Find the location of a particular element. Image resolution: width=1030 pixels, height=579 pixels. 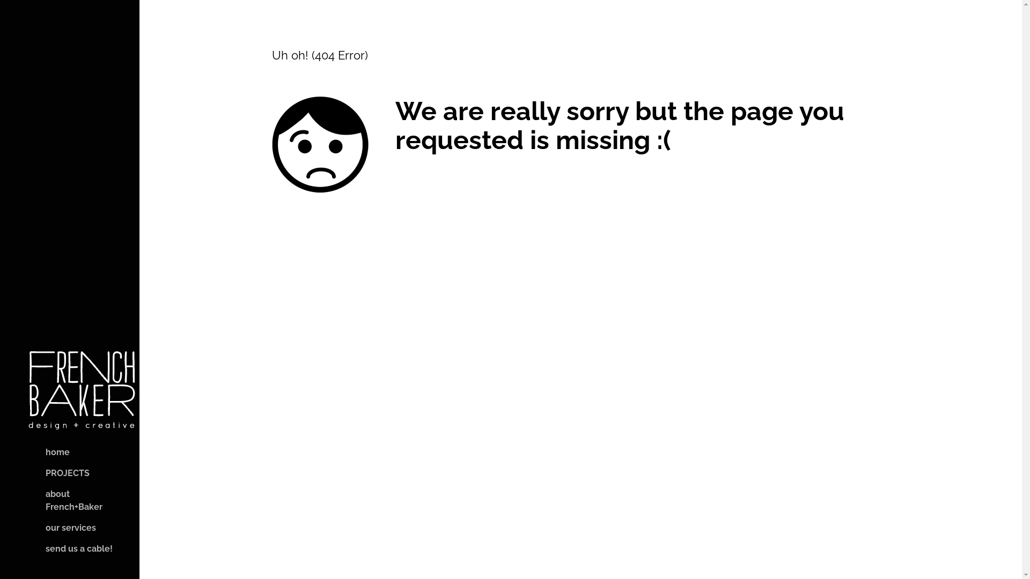

'home' is located at coordinates (48, 452).